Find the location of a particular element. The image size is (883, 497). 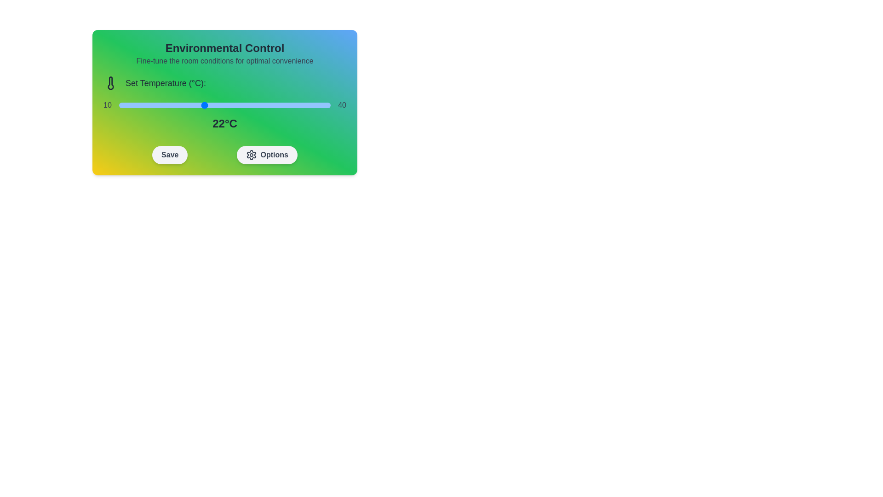

the movable circular knob of the temperature adjustment range slider, which is centrally positioned and flanked by labels '10' and '40' is located at coordinates (225, 104).